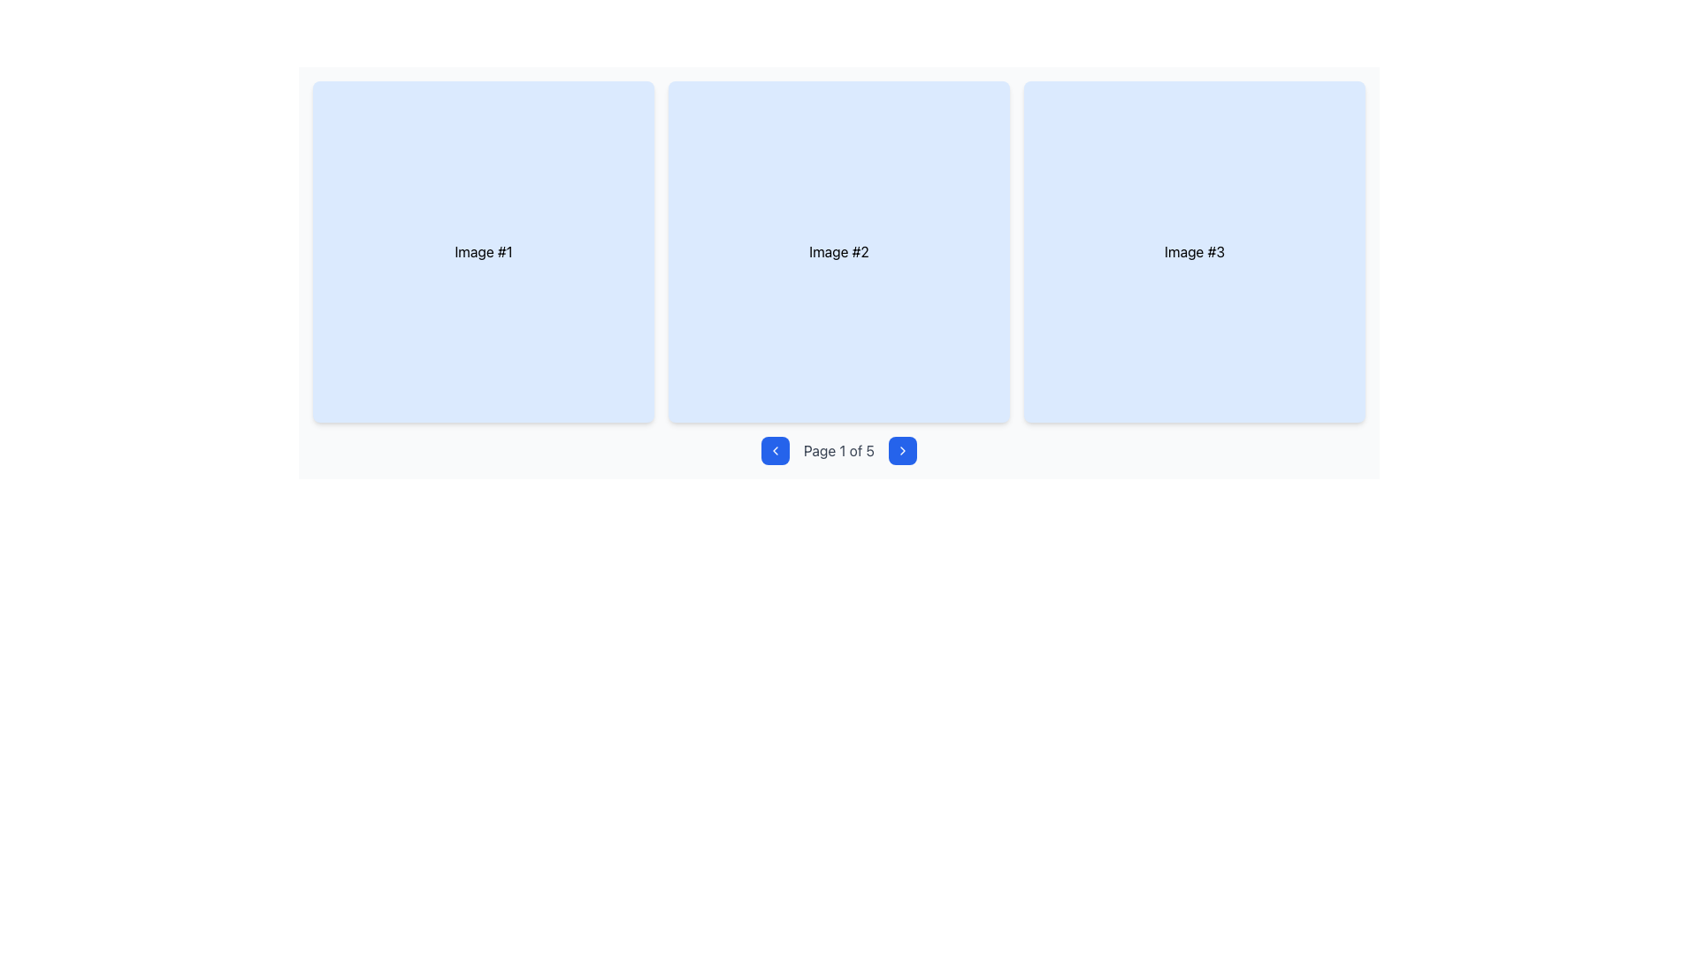  What do you see at coordinates (775, 449) in the screenshot?
I see `the leftward-pointing chevron icon inside the blue button` at bounding box center [775, 449].